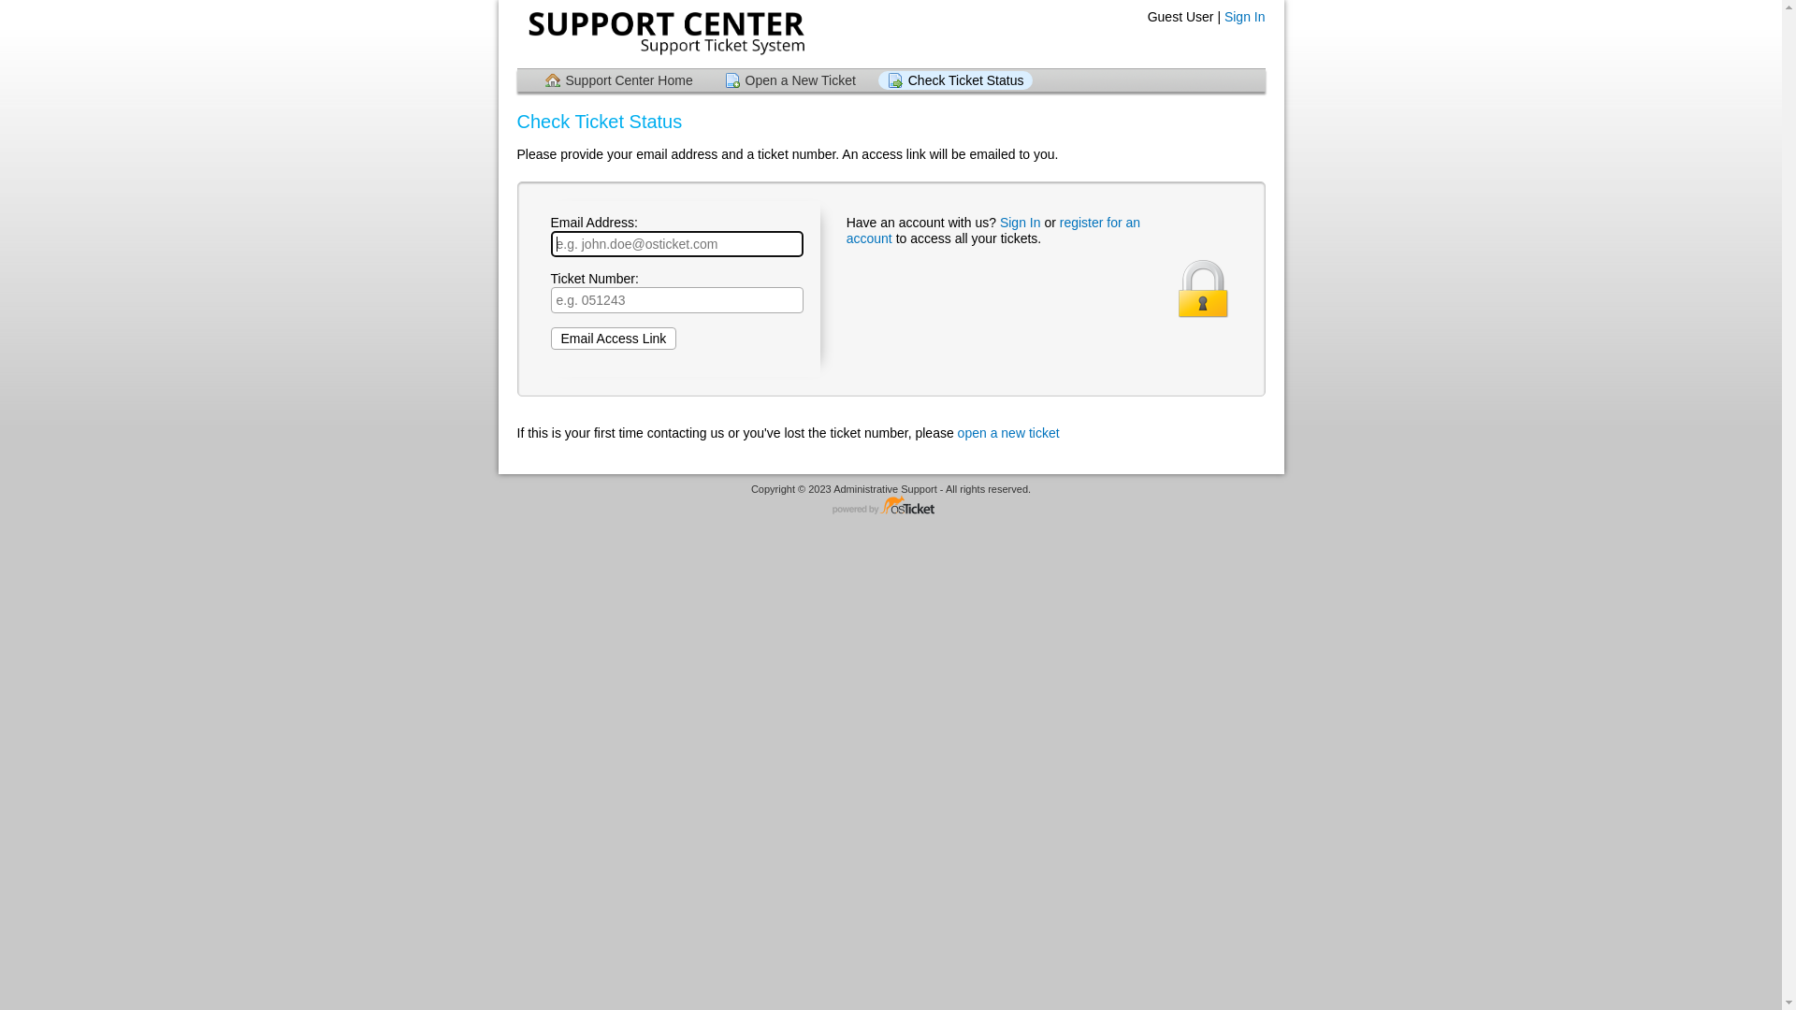 The height and width of the screenshot is (1010, 1796). Describe the element at coordinates (891, 506) in the screenshot. I see `'Helpdesk software - powered by osTicket'` at that location.